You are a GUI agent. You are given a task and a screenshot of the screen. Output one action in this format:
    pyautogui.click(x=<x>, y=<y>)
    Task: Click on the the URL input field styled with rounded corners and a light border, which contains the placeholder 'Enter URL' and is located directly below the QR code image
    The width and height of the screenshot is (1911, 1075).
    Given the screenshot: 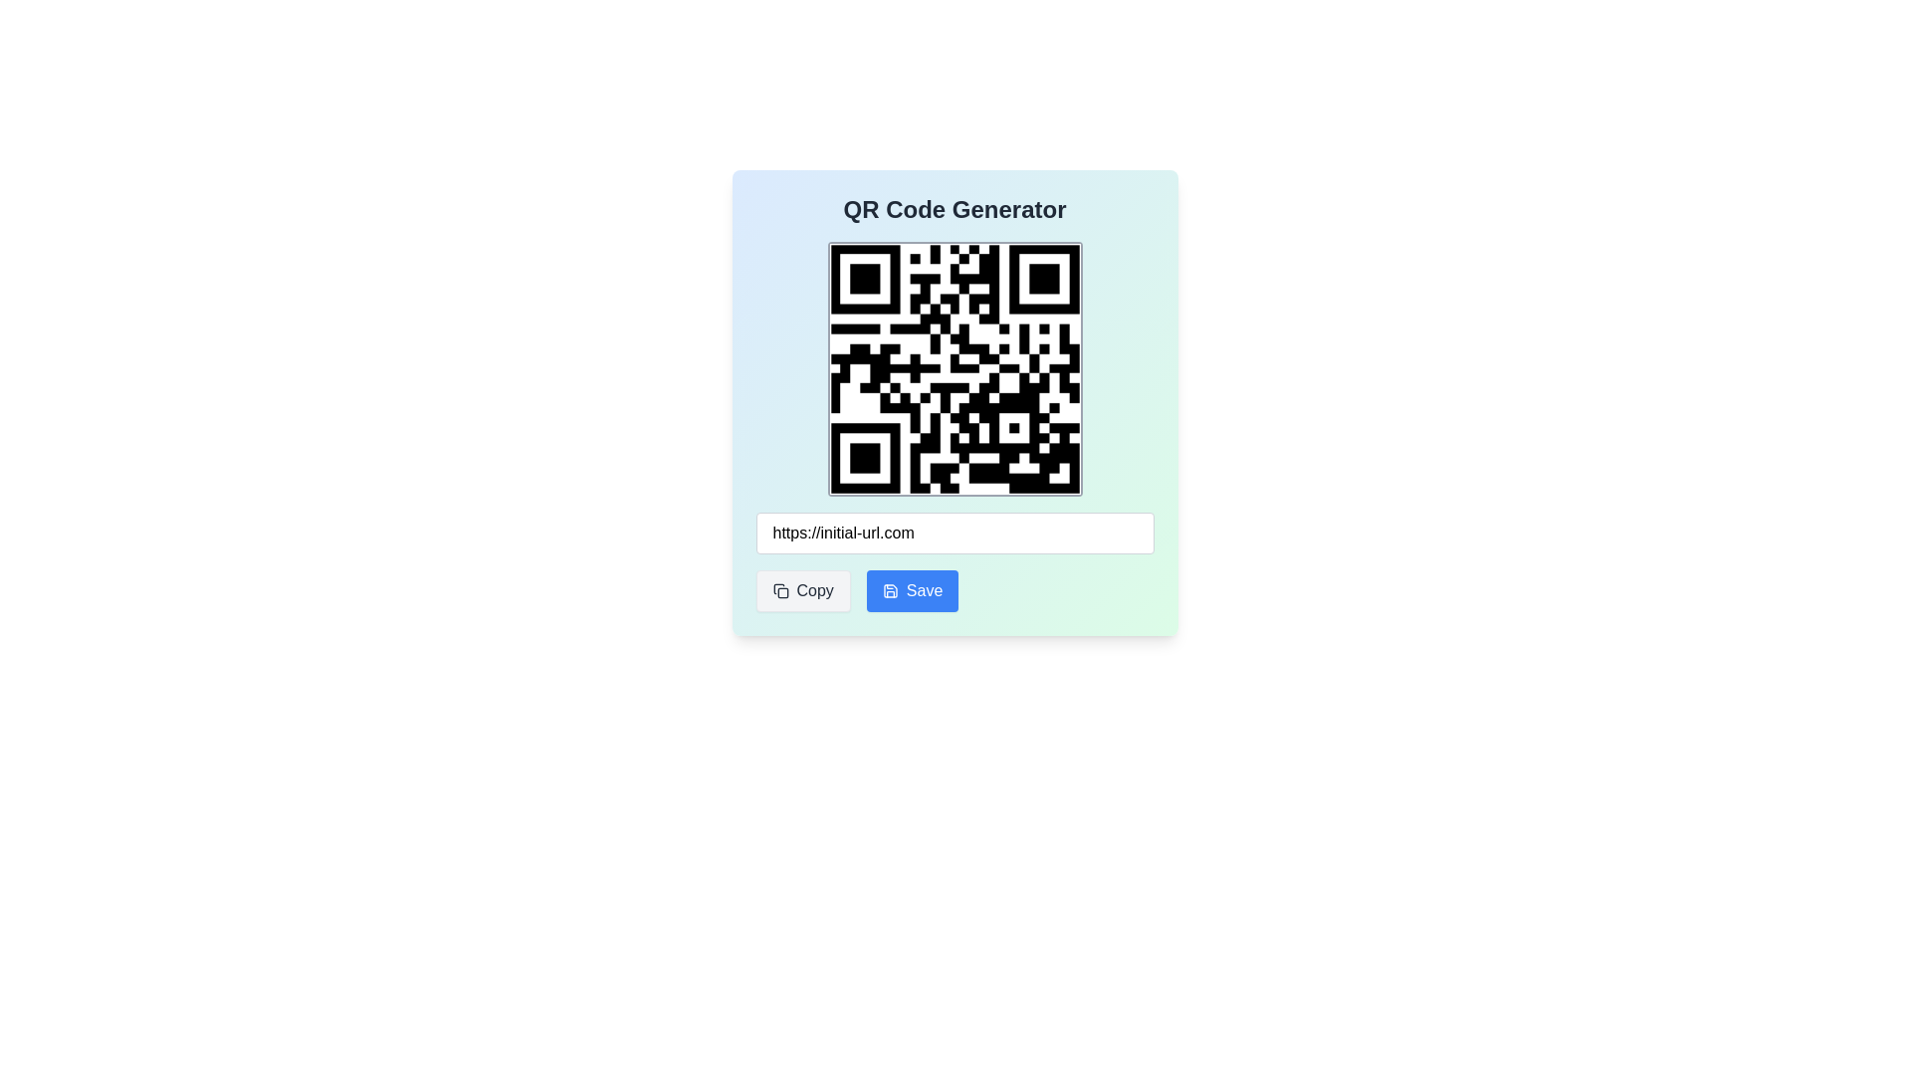 What is the action you would take?
    pyautogui.click(x=954, y=533)
    